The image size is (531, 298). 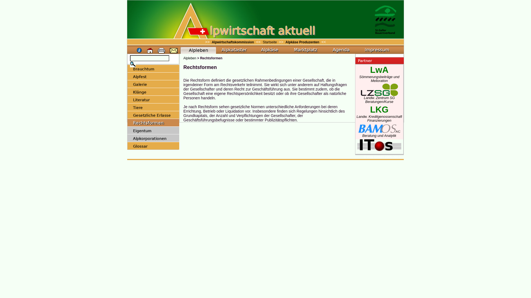 What do you see at coordinates (139, 51) in the screenshot?
I see `'Info'` at bounding box center [139, 51].